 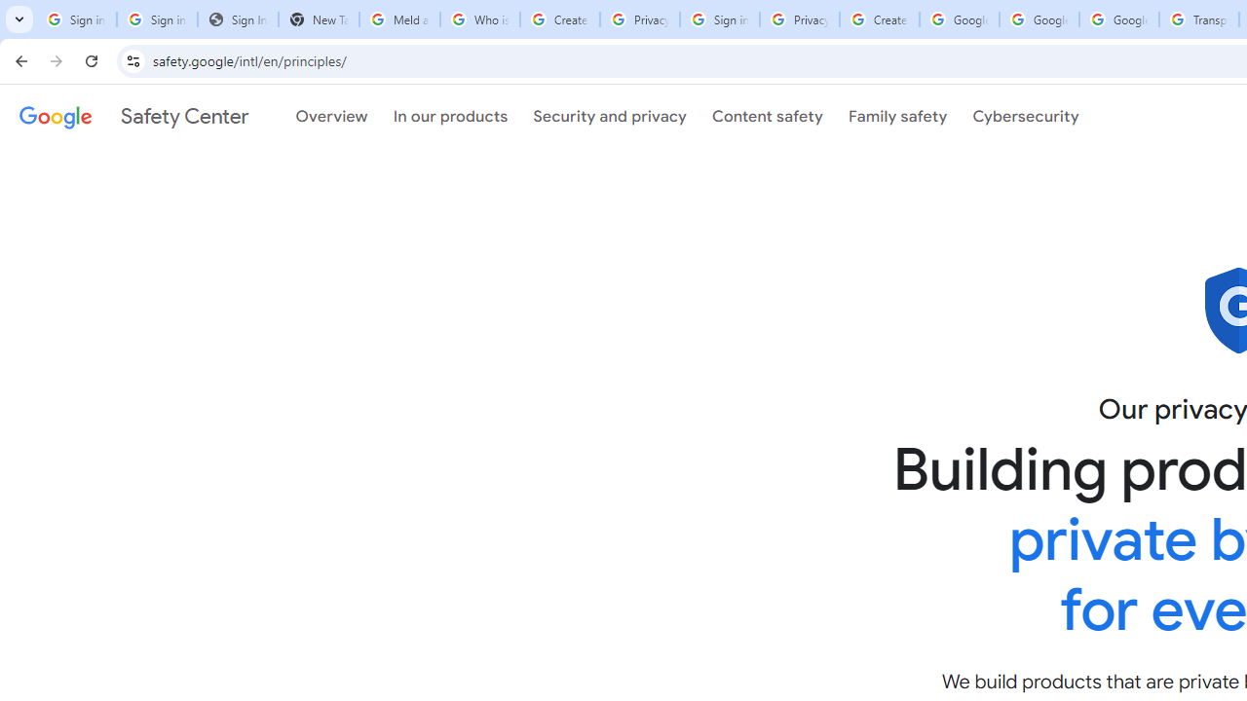 What do you see at coordinates (479, 19) in the screenshot?
I see `'Who is my administrator? - Google Account Help'` at bounding box center [479, 19].